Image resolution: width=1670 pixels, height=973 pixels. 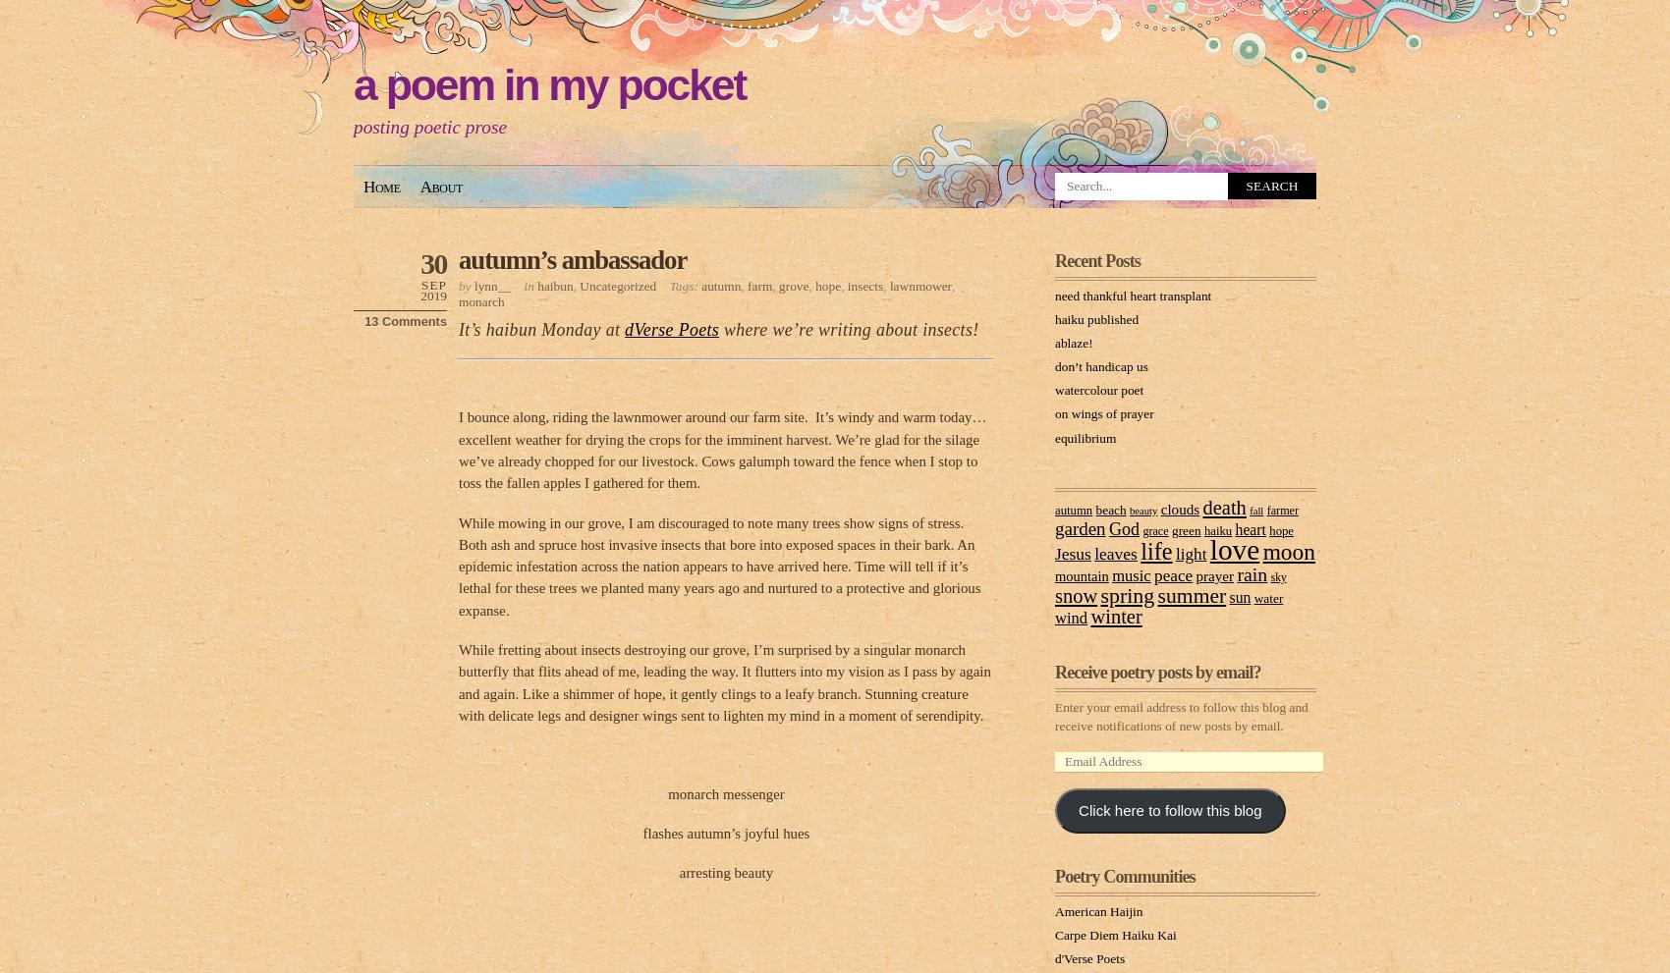 What do you see at coordinates (1115, 934) in the screenshot?
I see `'Carpe Diem Haiku Kai'` at bounding box center [1115, 934].